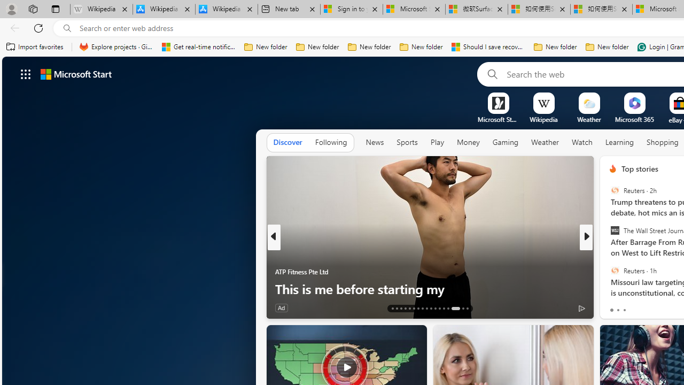 This screenshot has width=684, height=385. Describe the element at coordinates (405, 309) in the screenshot. I see `'AutomationID: tab-16'` at that location.